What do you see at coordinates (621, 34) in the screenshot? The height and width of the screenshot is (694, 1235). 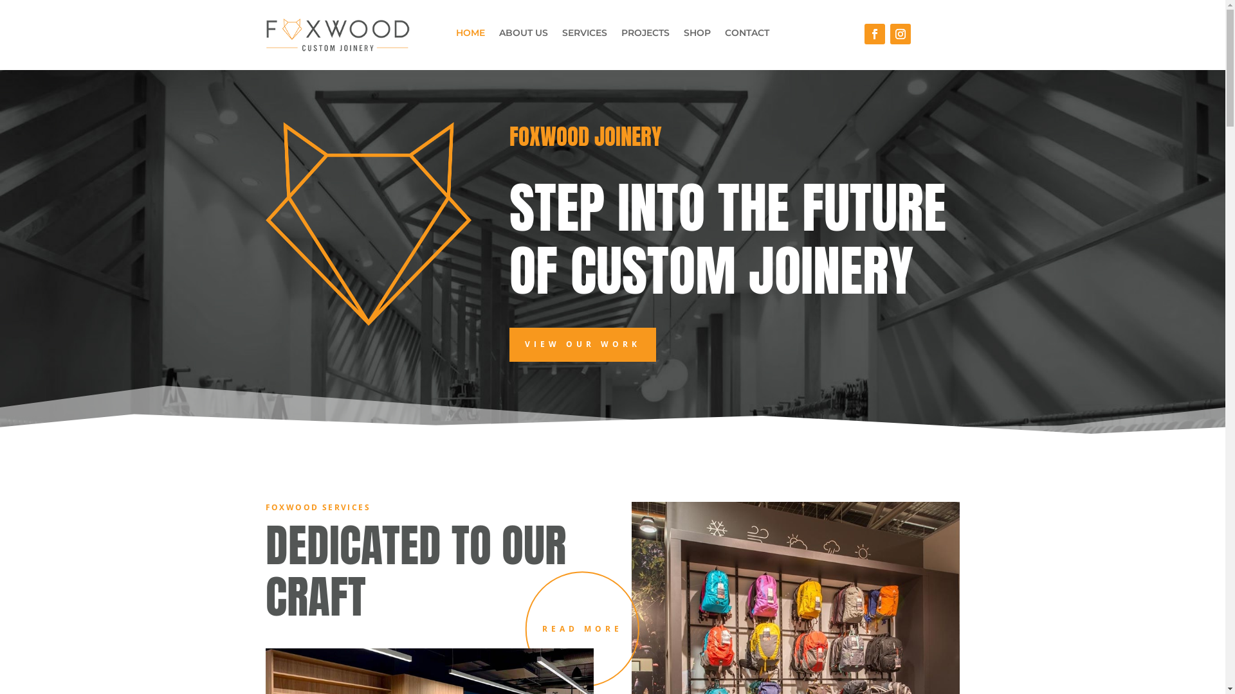 I see `'PROJECTS'` at bounding box center [621, 34].